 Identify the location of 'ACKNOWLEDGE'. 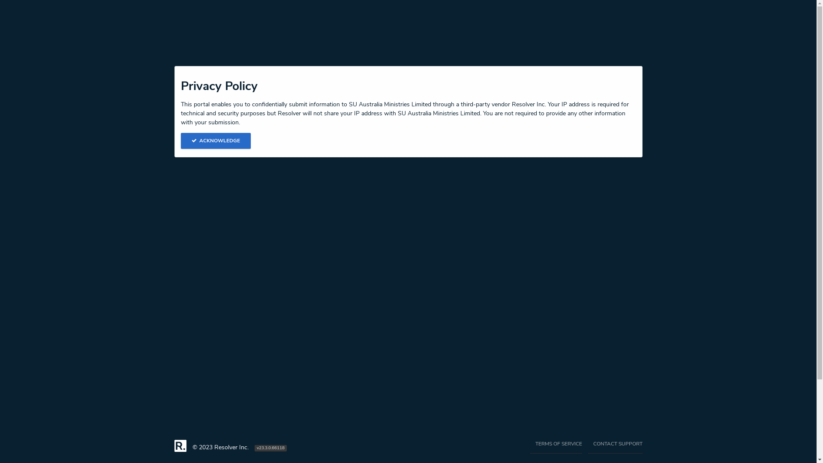
(216, 140).